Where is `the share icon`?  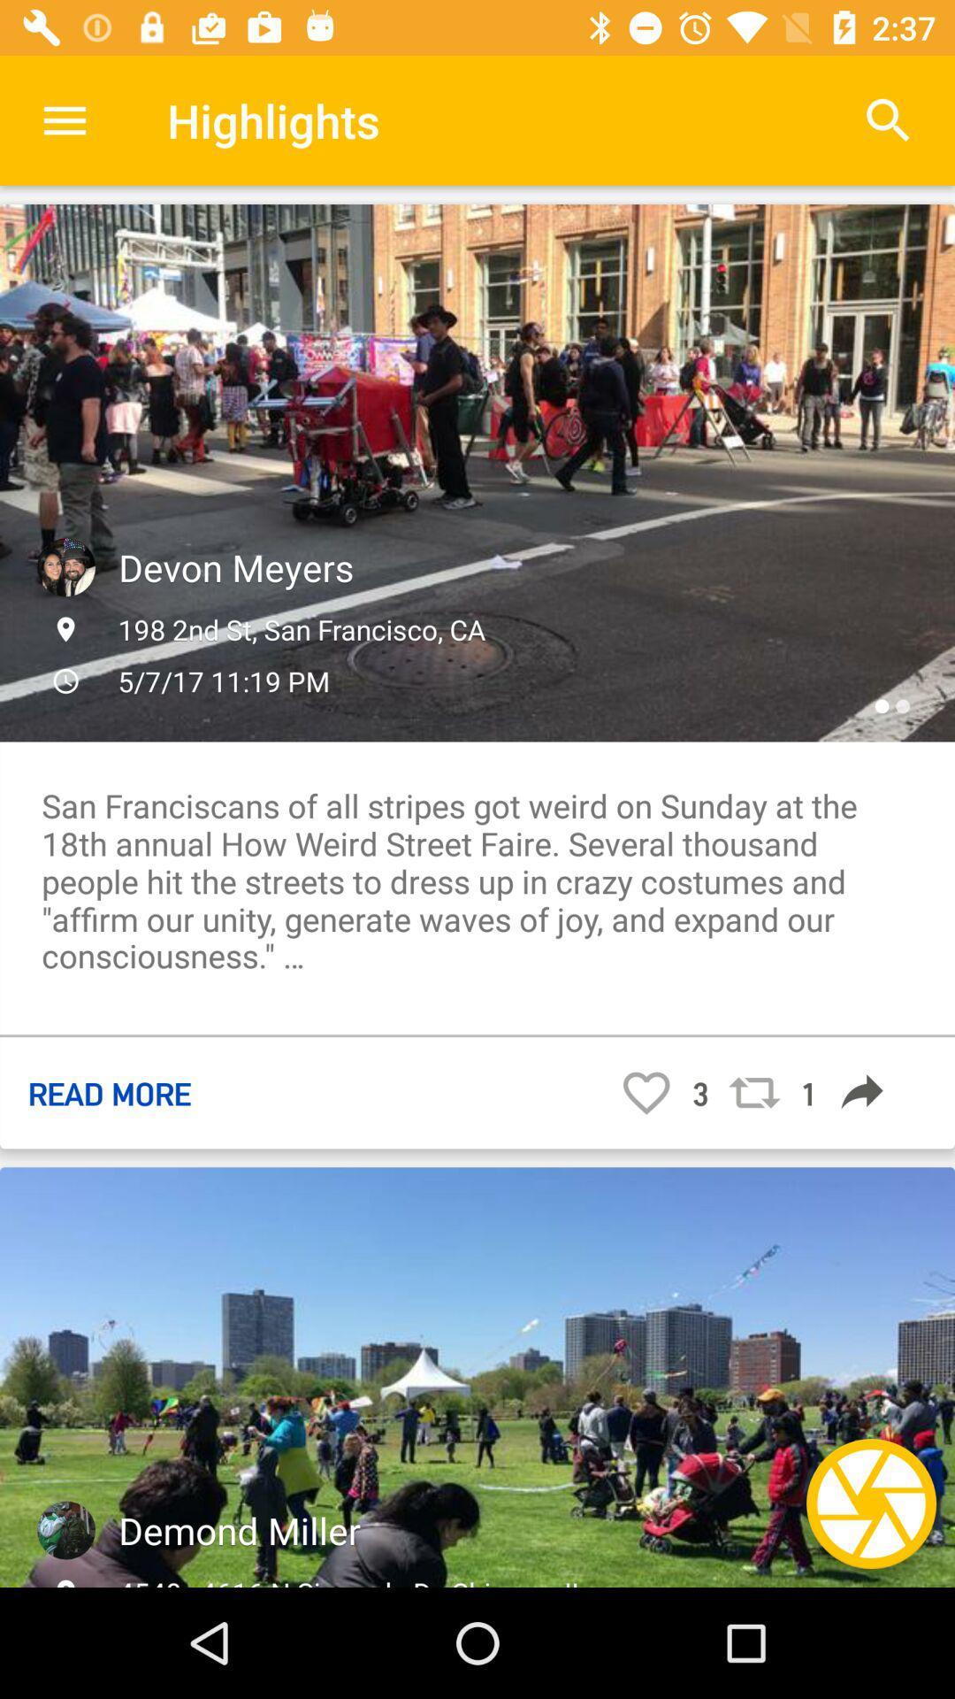
the share icon is located at coordinates (861, 1091).